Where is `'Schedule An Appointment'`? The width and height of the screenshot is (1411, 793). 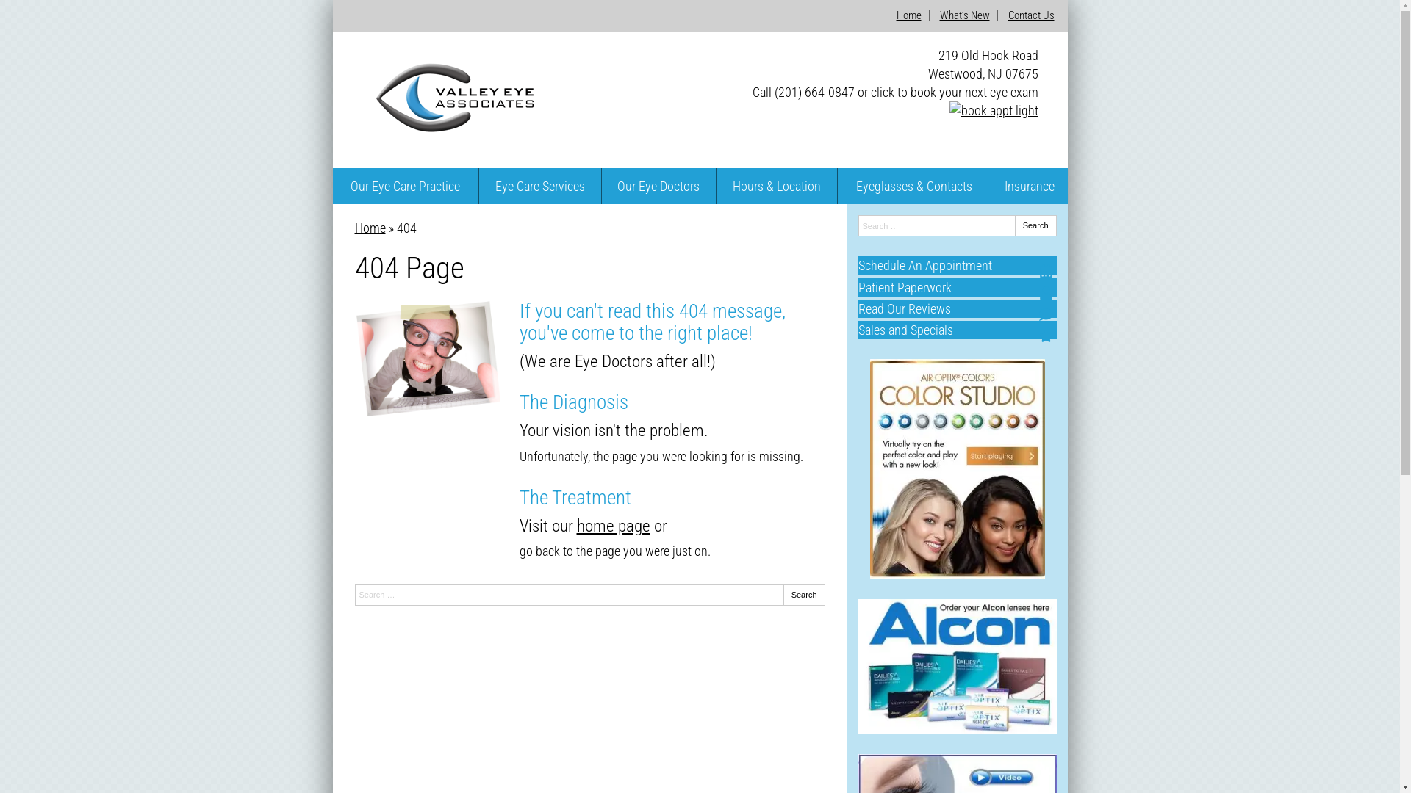
'Schedule An Appointment' is located at coordinates (957, 265).